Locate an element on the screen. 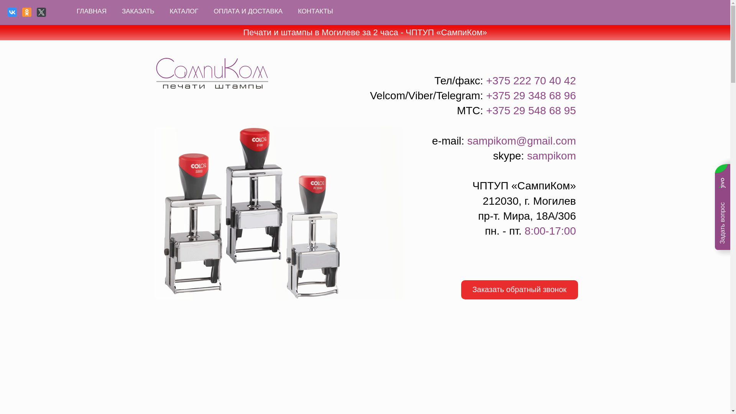 The image size is (736, 414). '+375 222 70 40 42' is located at coordinates (531, 80).